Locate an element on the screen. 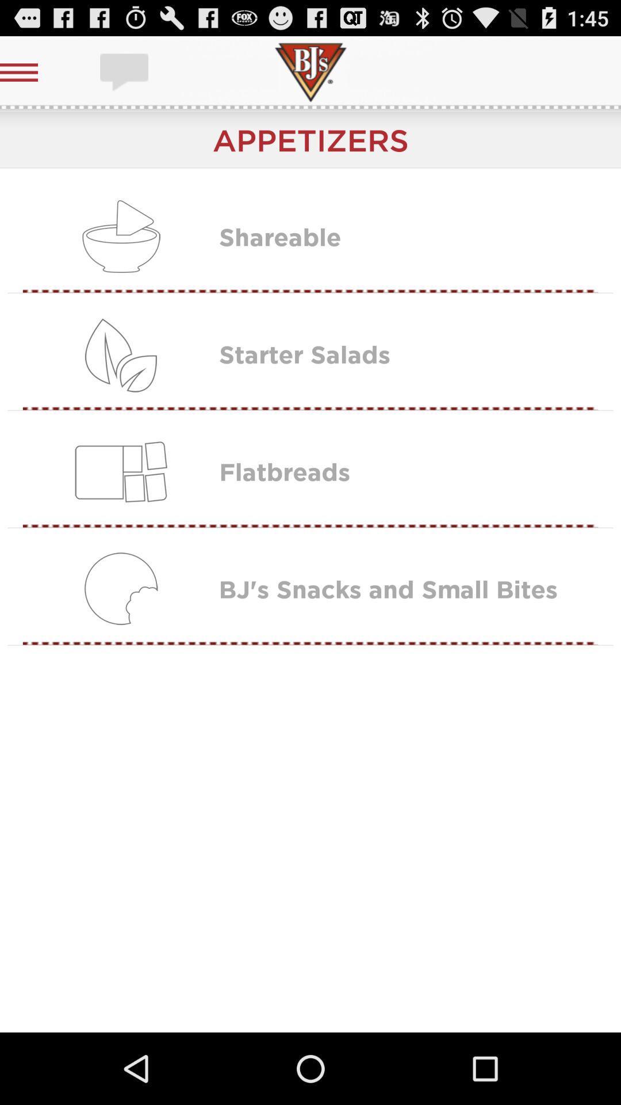  messages is located at coordinates (125, 71).